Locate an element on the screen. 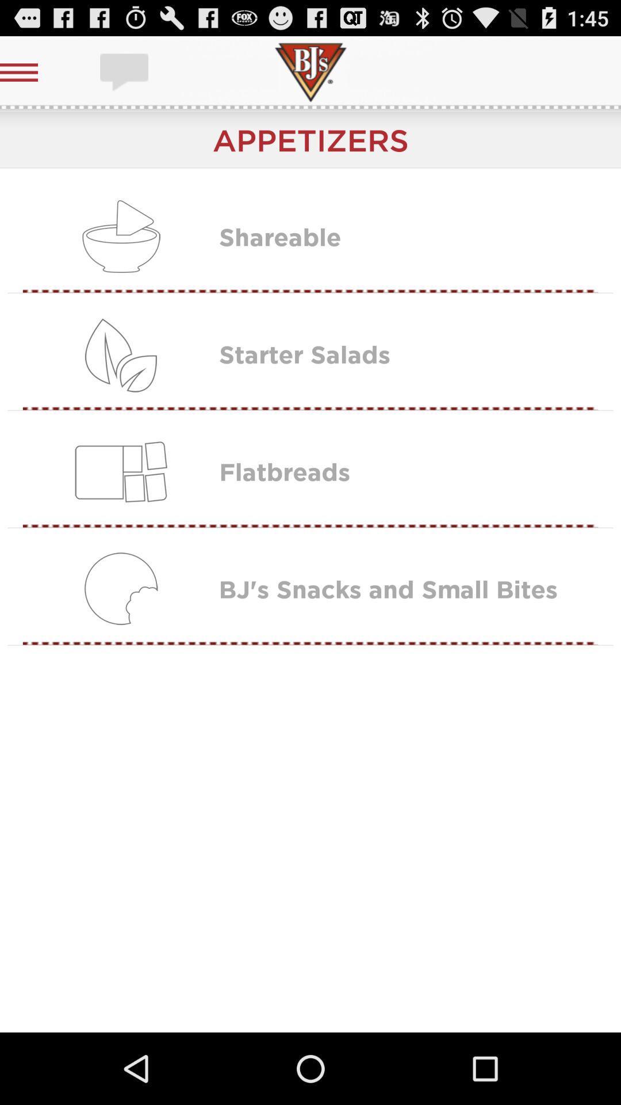  messages is located at coordinates (125, 71).